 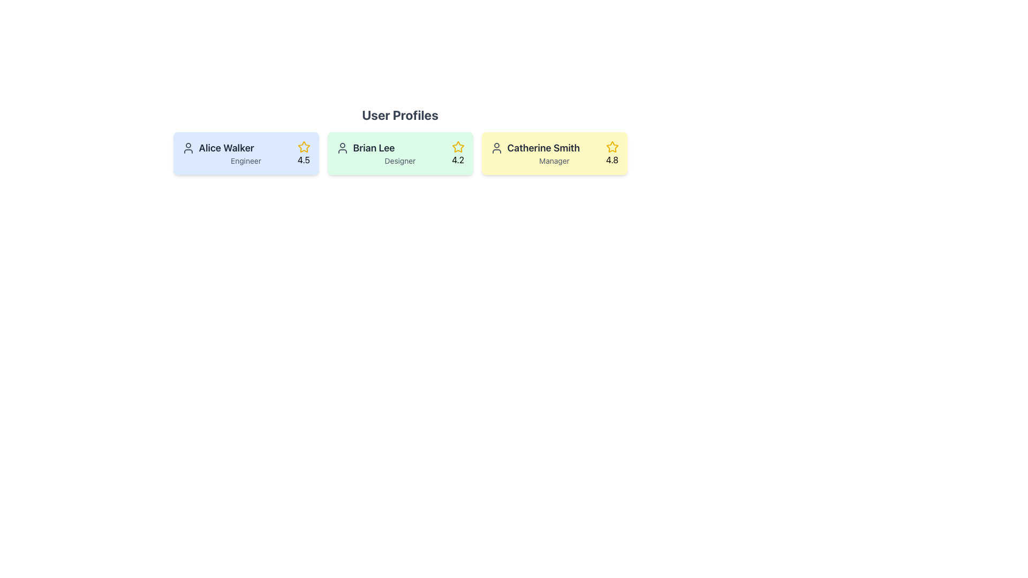 I want to click on the Profile card representing a user profile that summarizes the user's name, profession, and rating information, which is the first card in a grid layout, so click(x=245, y=153).